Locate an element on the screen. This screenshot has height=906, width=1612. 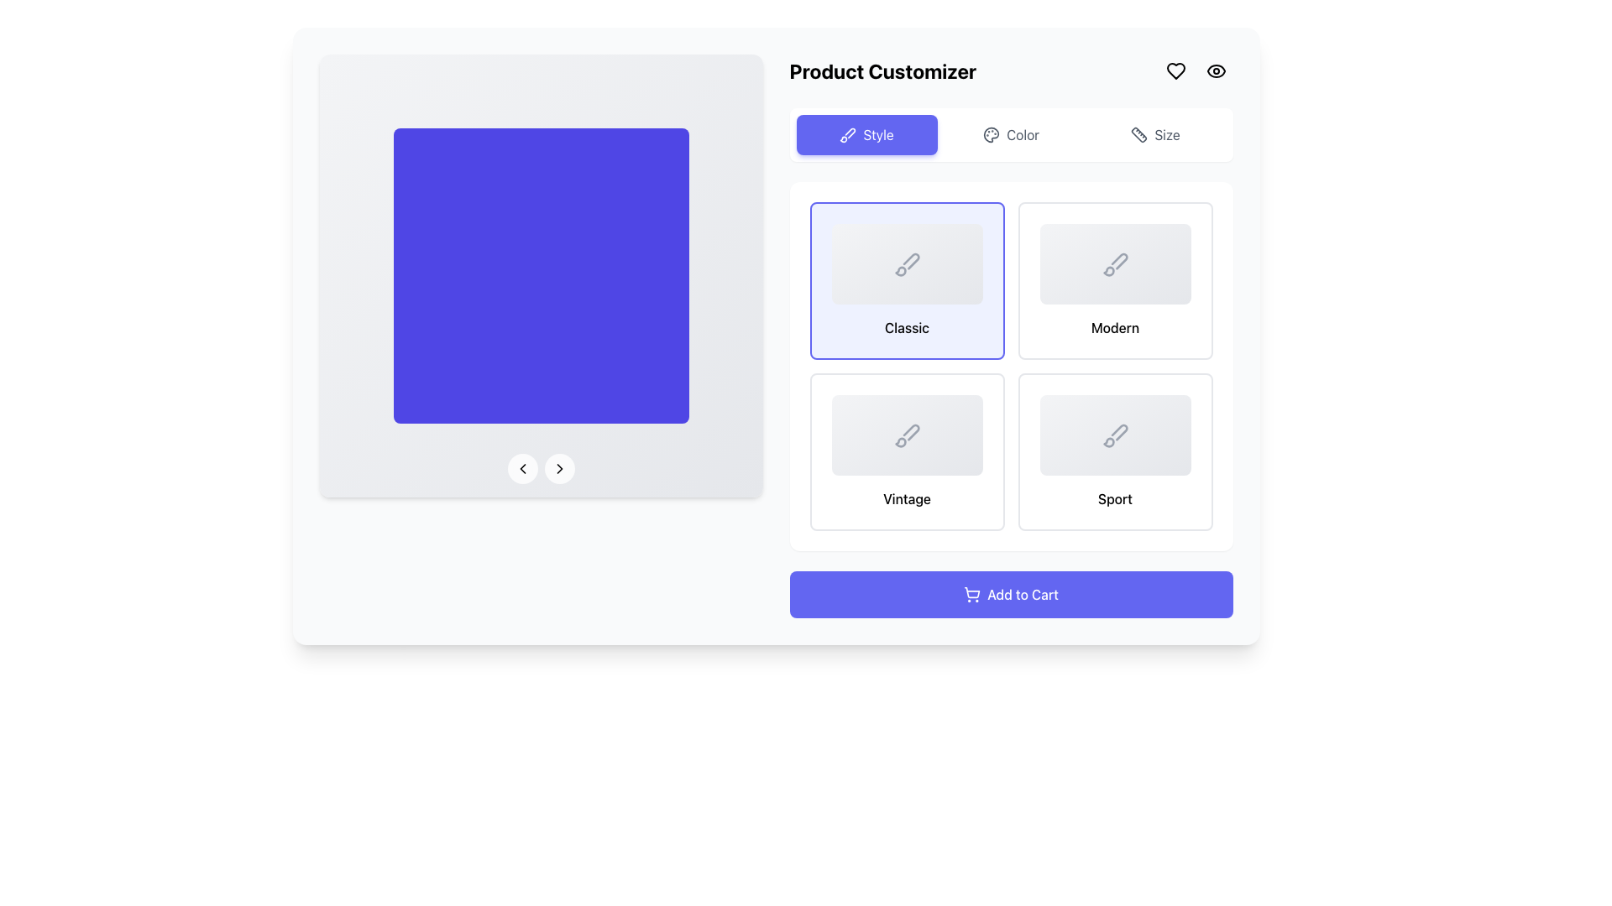
the 'Classic' interactive card in the top-left corner of the product customization interface is located at coordinates (906, 280).